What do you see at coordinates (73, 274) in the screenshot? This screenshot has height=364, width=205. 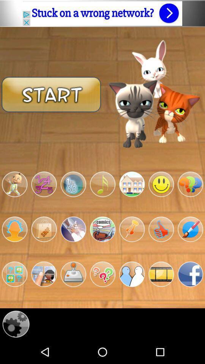 I see `open game pad` at bounding box center [73, 274].